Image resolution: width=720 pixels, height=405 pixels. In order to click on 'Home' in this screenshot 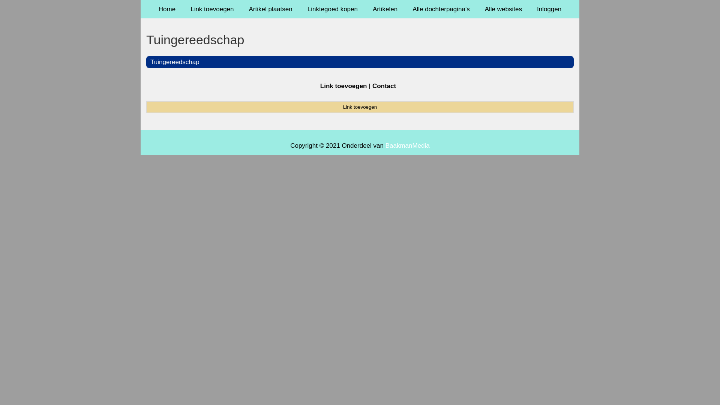, I will do `click(166, 9)`.